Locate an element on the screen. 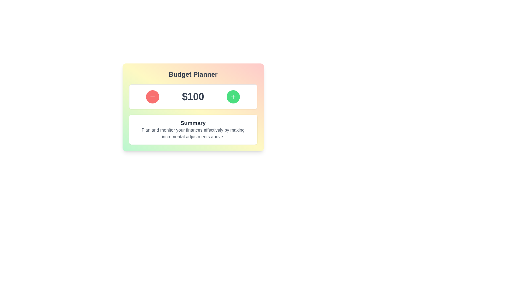 The height and width of the screenshot is (298, 530). the green circular button with a white plus sign is located at coordinates (233, 97).